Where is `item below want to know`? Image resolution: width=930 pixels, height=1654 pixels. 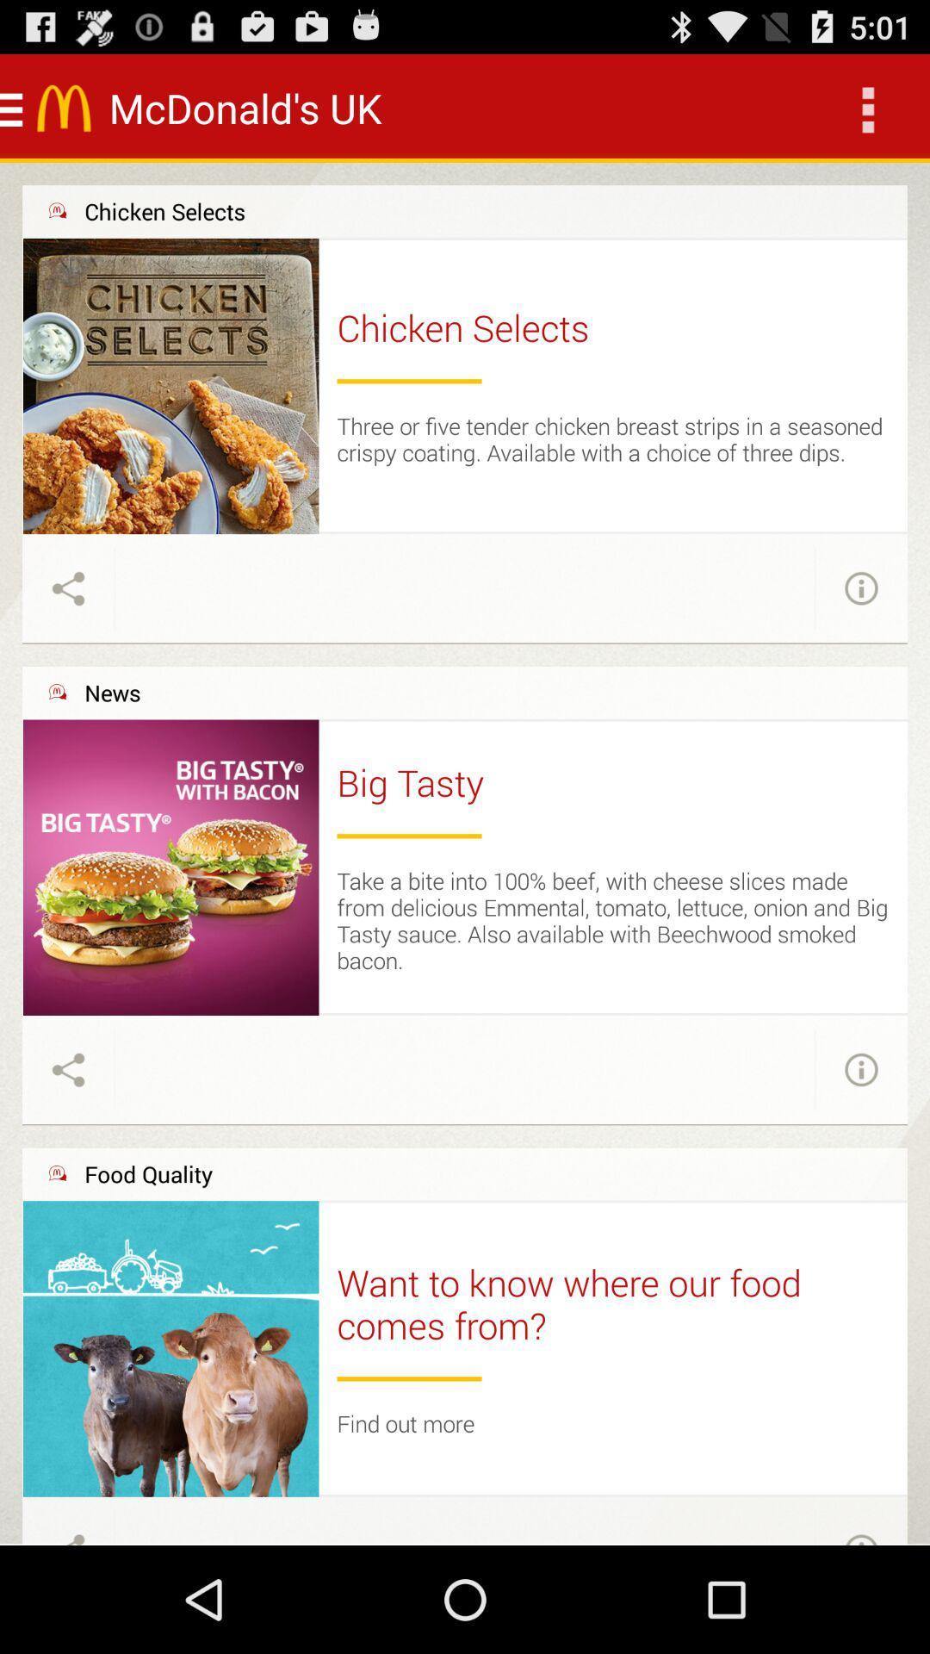 item below want to know is located at coordinates (409, 1378).